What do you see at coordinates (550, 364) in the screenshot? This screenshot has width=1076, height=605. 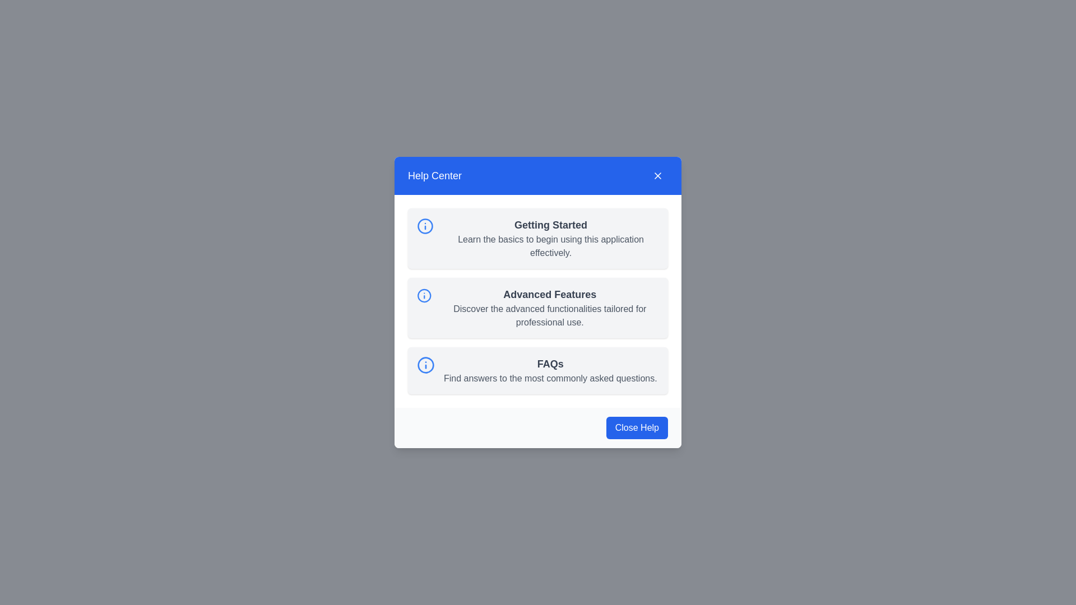 I see `the 'FAQs' label, which is a bold, dark gray text prominently displayed as the title above the supporting text in the dialog box` at bounding box center [550, 364].